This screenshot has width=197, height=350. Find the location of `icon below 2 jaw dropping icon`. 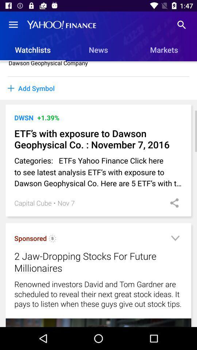

icon below 2 jaw dropping icon is located at coordinates (98, 294).